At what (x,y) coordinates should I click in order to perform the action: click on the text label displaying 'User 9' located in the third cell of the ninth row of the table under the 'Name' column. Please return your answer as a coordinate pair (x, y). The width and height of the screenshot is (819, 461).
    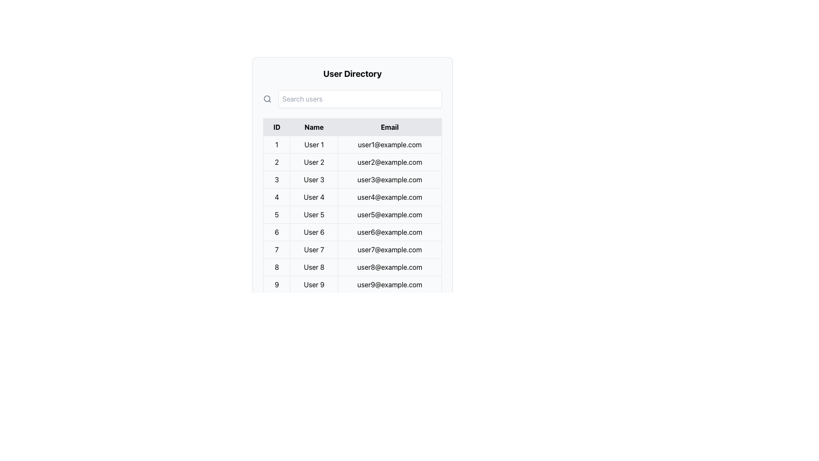
    Looking at the image, I should click on (314, 285).